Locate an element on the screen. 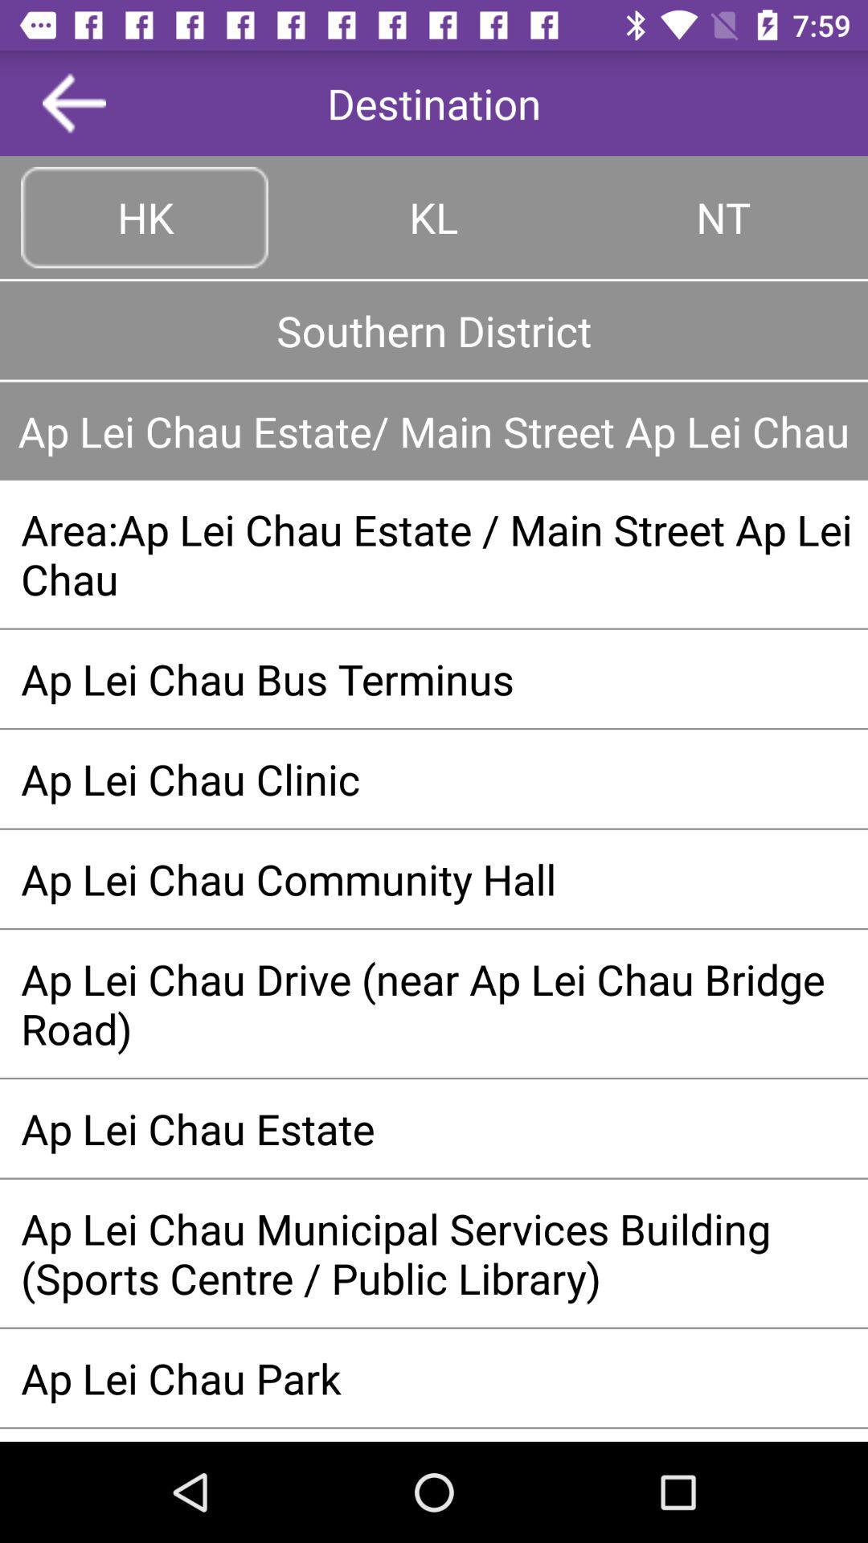  the app next to destination app is located at coordinates (74, 102).